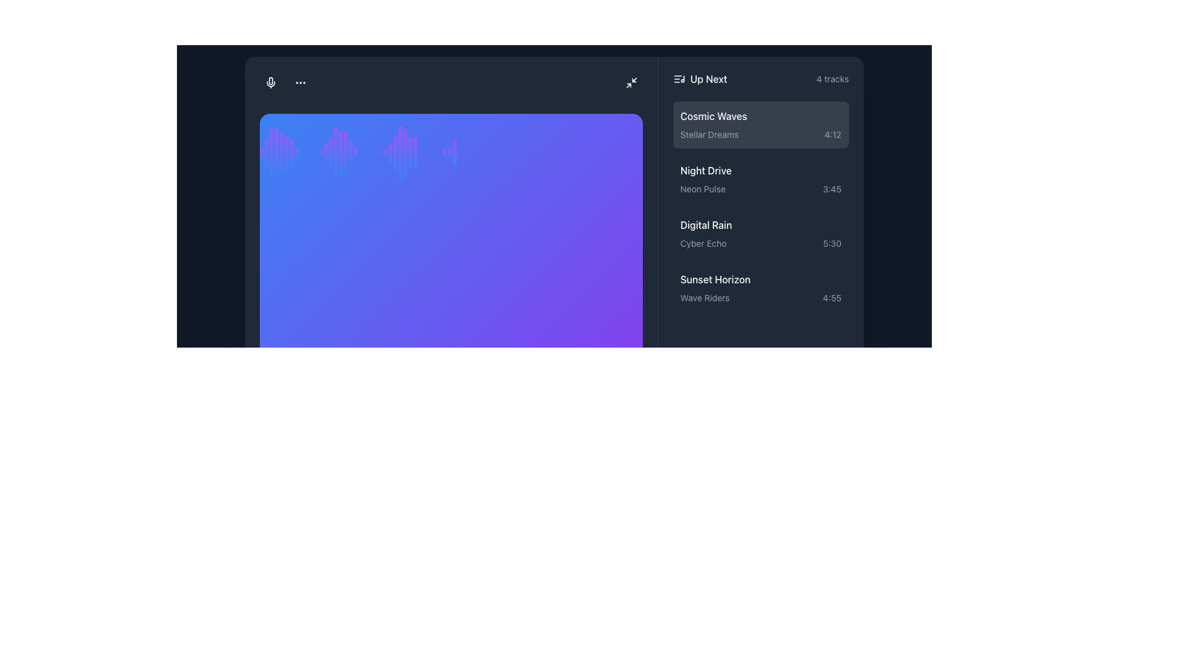  What do you see at coordinates (832, 298) in the screenshot?
I see `the text label indicating the duration of the song 'Sunset Horizon' by 'Wave Riders', located at the right side of the last item in the 'Up Next' section` at bounding box center [832, 298].